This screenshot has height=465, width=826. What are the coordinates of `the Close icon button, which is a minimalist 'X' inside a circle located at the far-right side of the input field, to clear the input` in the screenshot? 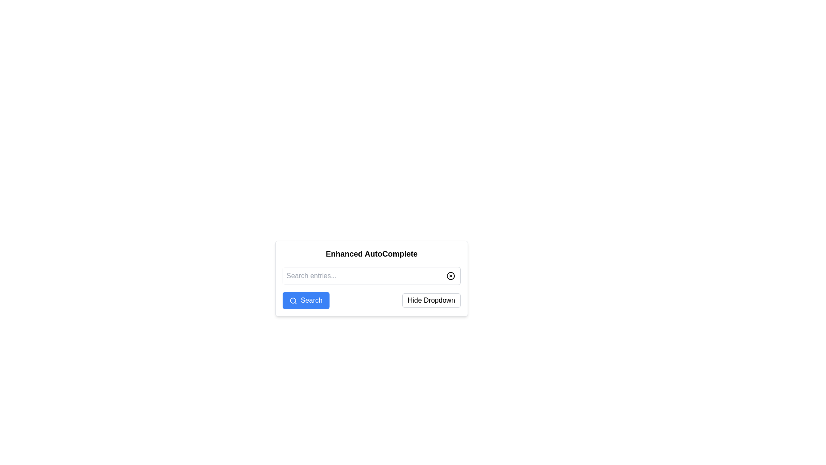 It's located at (450, 276).